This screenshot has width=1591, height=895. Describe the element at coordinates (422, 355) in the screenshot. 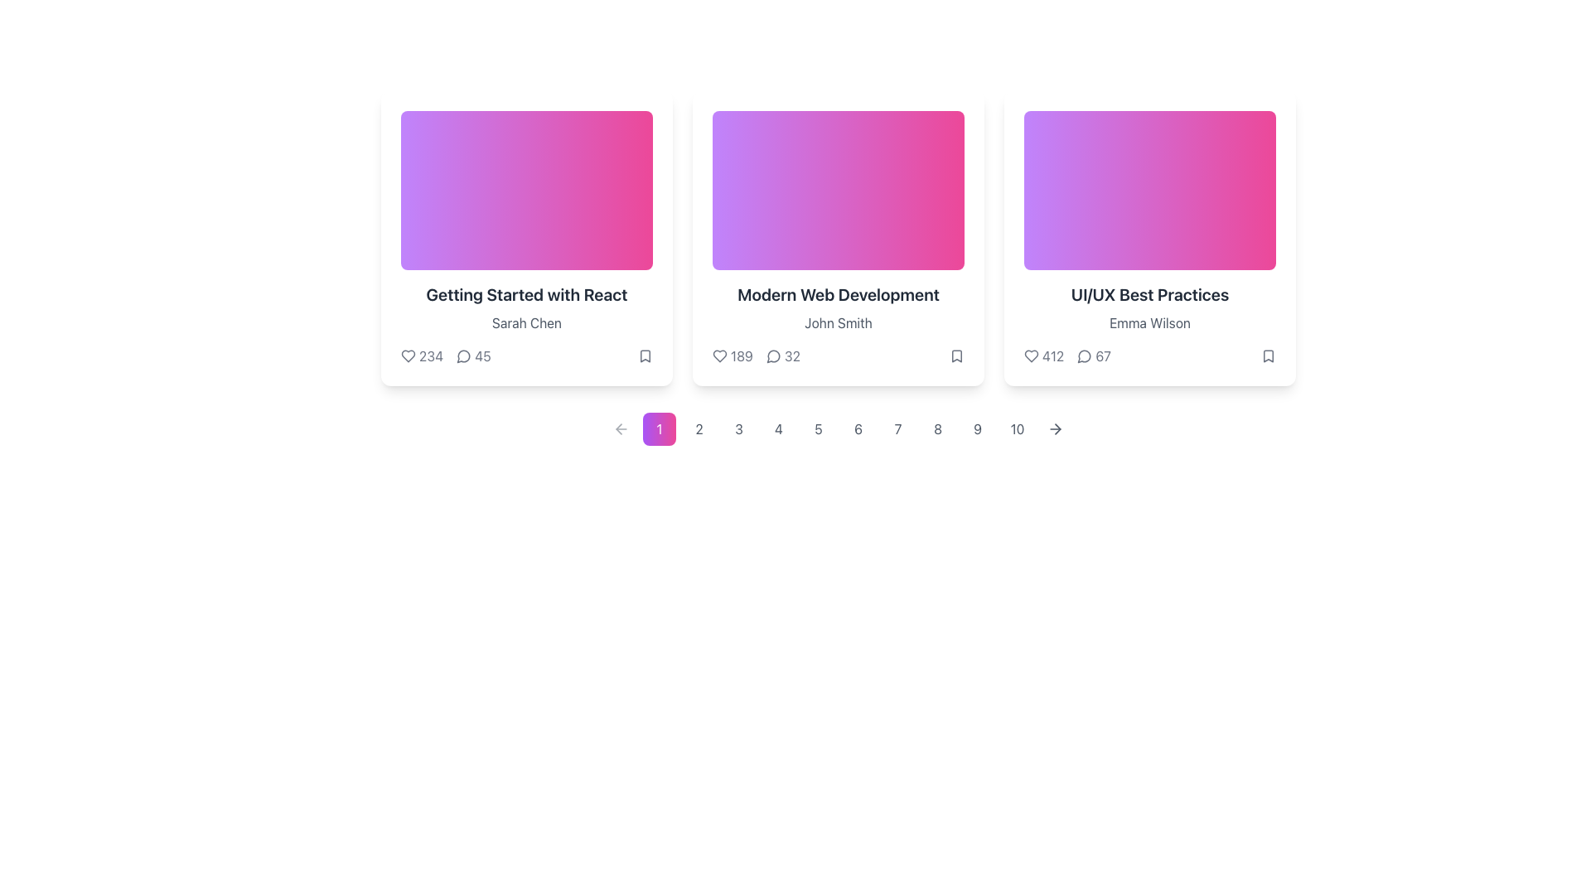

I see `the interactive counter element featuring a heart-shaped icon and the number '234', located at the bottom left of the 'Getting Started with React' card` at that location.